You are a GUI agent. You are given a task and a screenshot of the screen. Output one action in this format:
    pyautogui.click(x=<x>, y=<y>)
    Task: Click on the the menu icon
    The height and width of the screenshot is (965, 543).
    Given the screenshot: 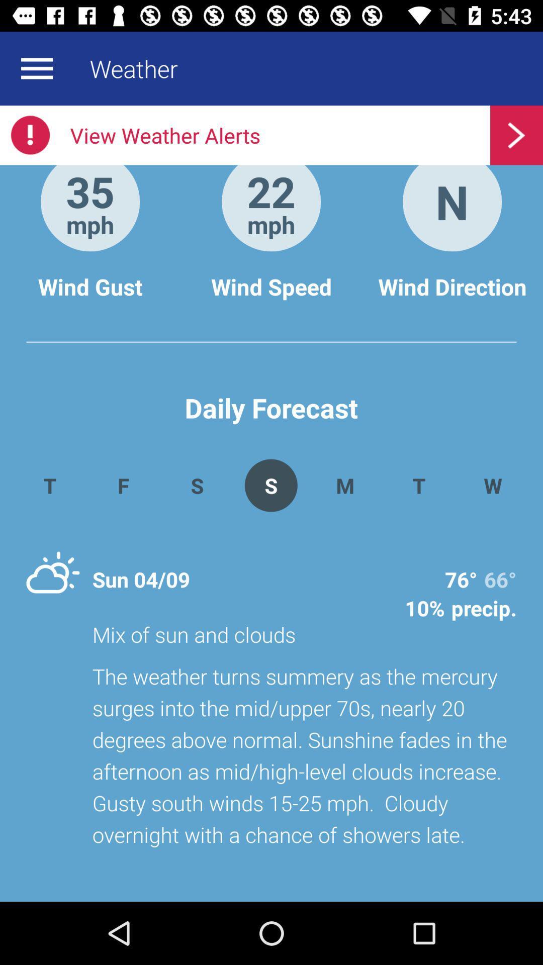 What is the action you would take?
    pyautogui.click(x=36, y=68)
    